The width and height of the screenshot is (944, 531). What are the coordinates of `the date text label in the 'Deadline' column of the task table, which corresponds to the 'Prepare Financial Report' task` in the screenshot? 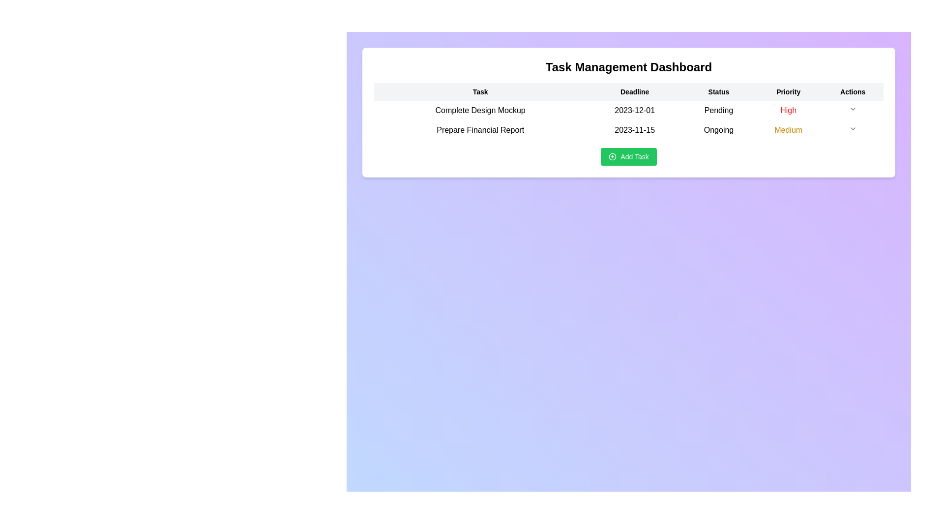 It's located at (635, 130).